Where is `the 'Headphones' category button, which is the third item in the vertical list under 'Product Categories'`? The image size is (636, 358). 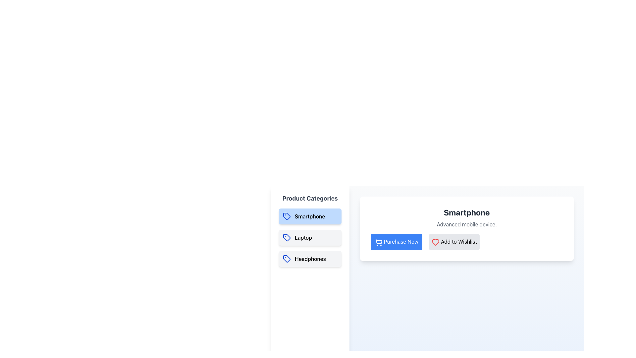
the 'Headphones' category button, which is the third item in the vertical list under 'Product Categories' is located at coordinates (310, 258).